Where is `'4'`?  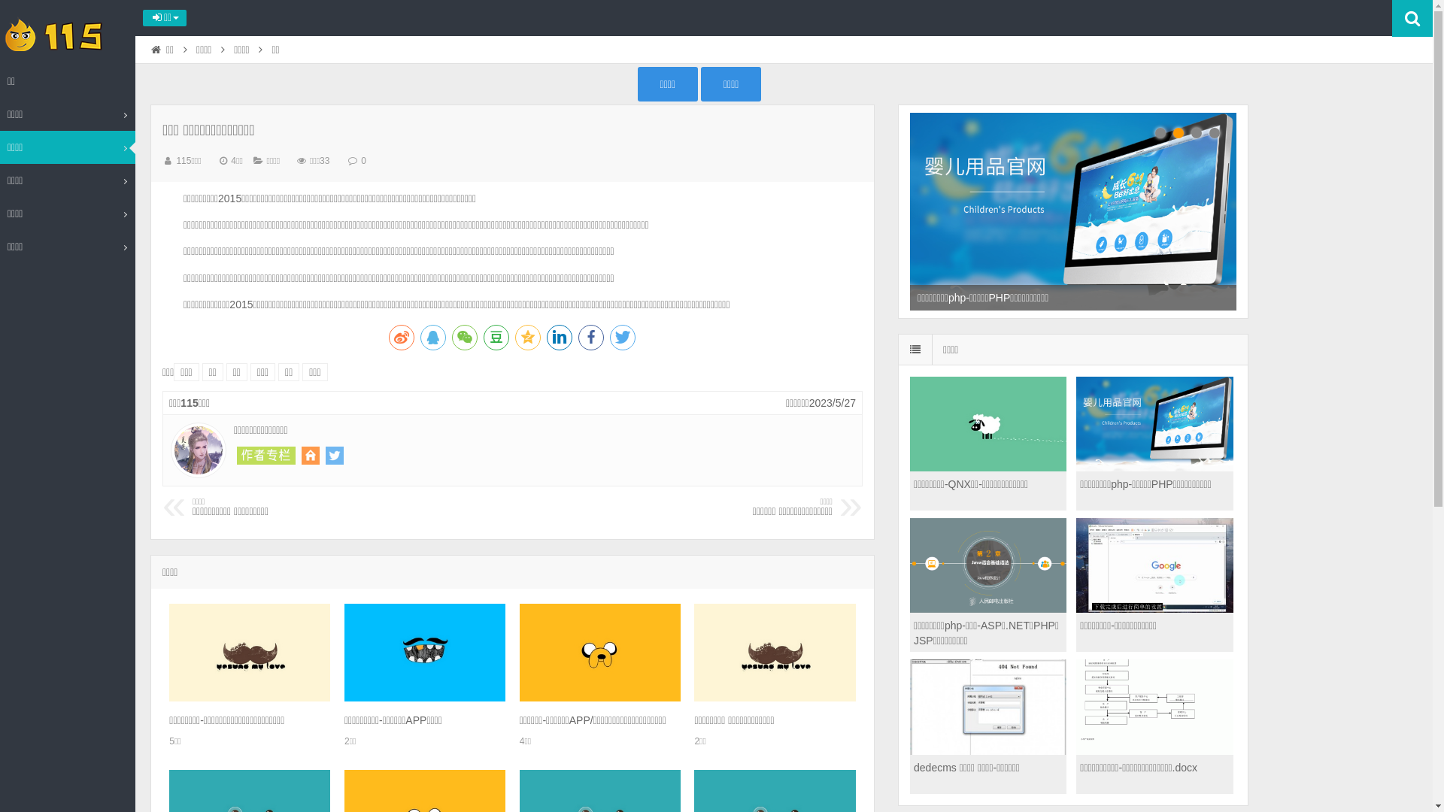 '4' is located at coordinates (1209, 132).